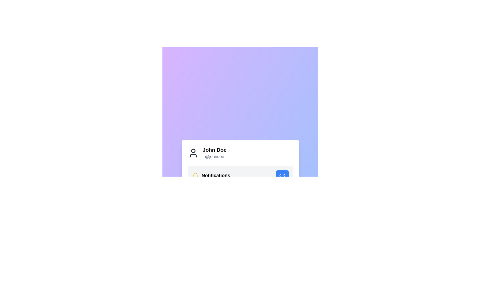 This screenshot has height=283, width=503. What do you see at coordinates (216, 176) in the screenshot?
I see `the bold text label reading 'Notifications', which is styled in a larger sans-serif font and located next to a bell icon in a dropdown menu` at bounding box center [216, 176].